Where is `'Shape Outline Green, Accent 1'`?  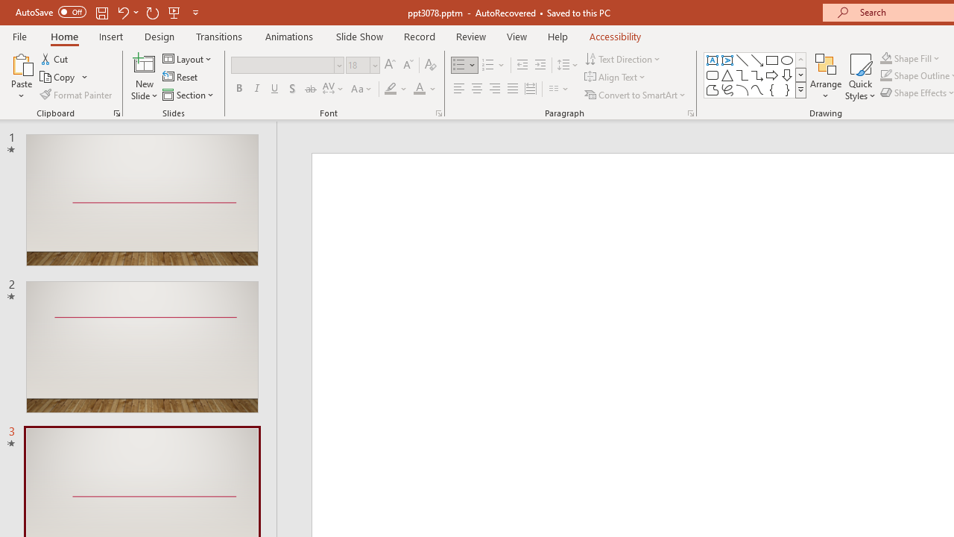 'Shape Outline Green, Accent 1' is located at coordinates (886, 75).